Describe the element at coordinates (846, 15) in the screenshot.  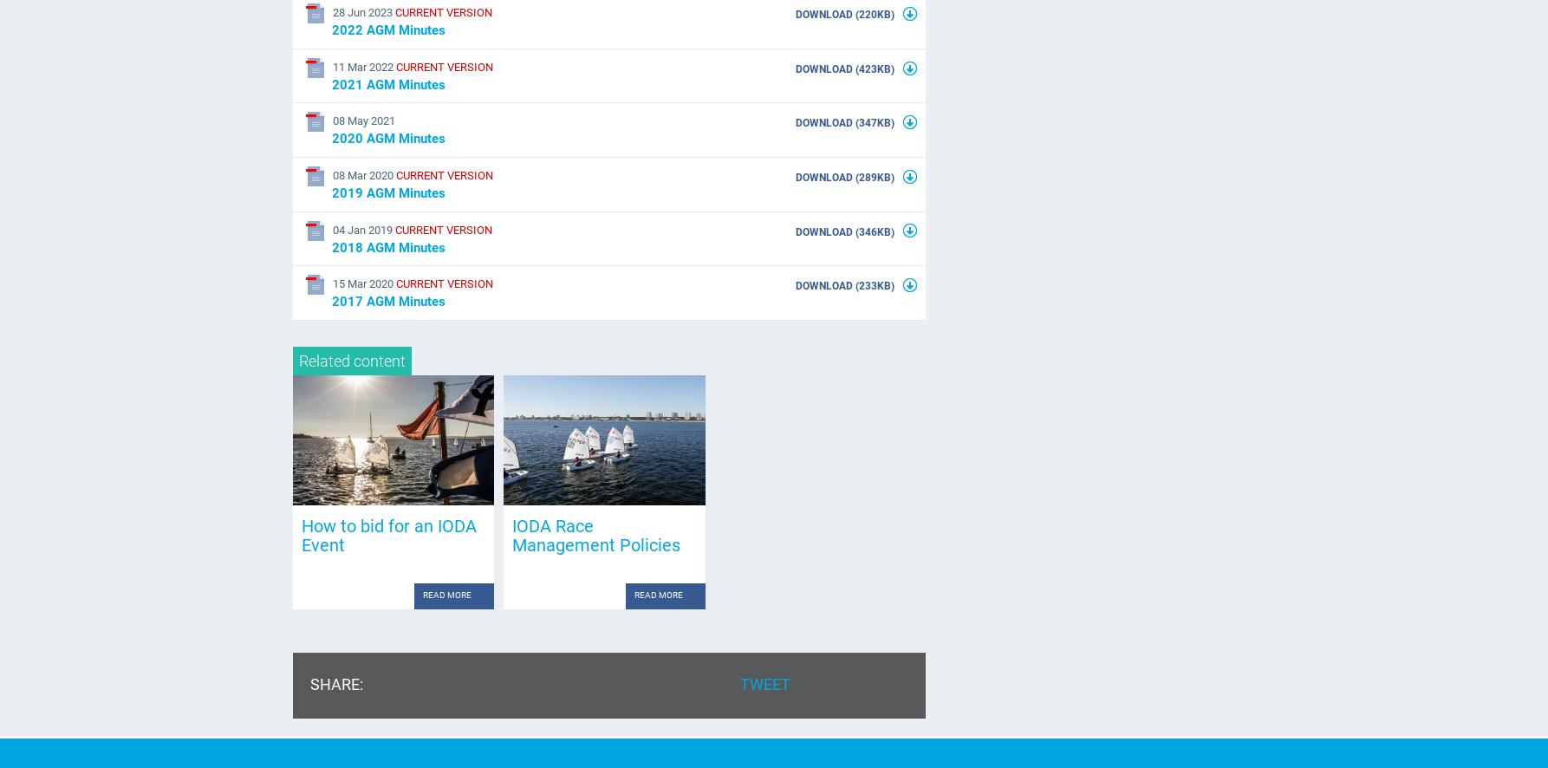
I see `'Download (220Kb)'` at that location.